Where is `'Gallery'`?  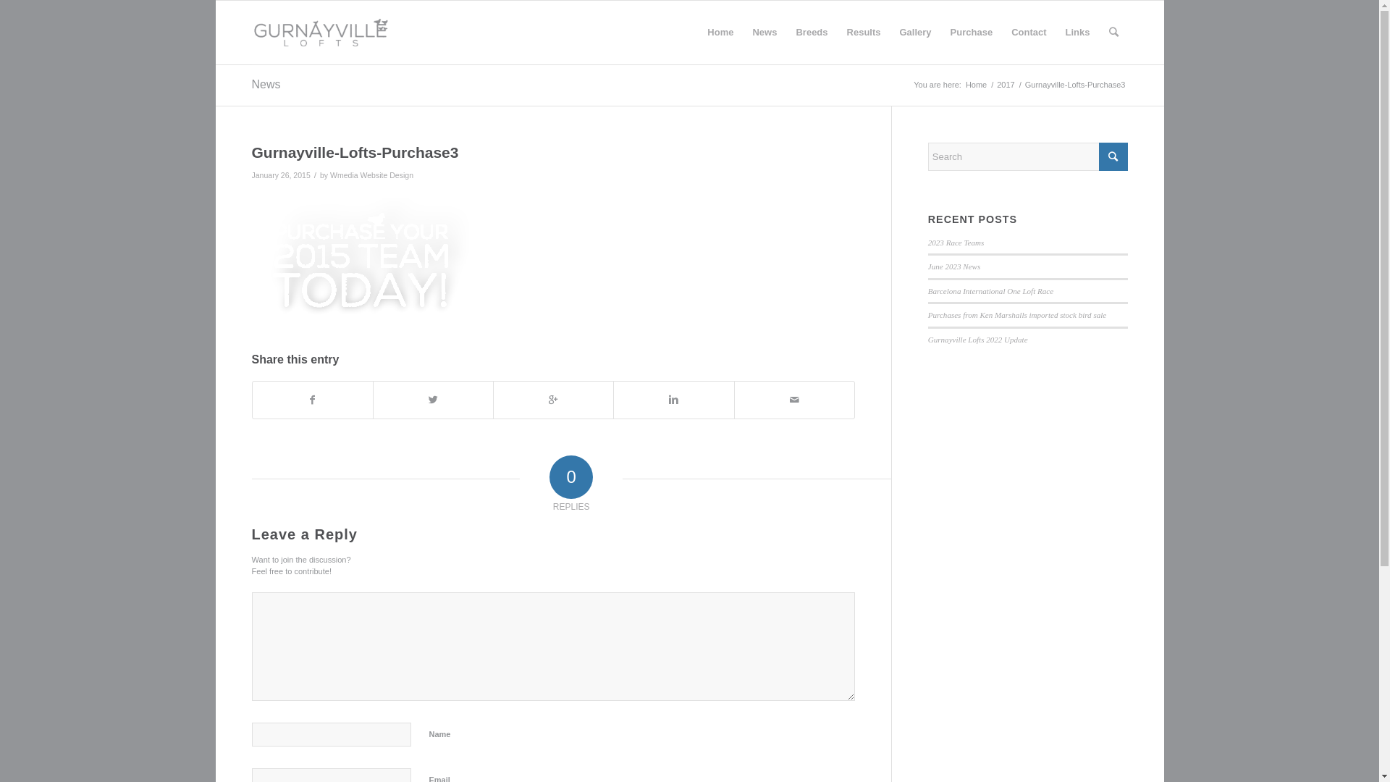
'Gallery' is located at coordinates (915, 33).